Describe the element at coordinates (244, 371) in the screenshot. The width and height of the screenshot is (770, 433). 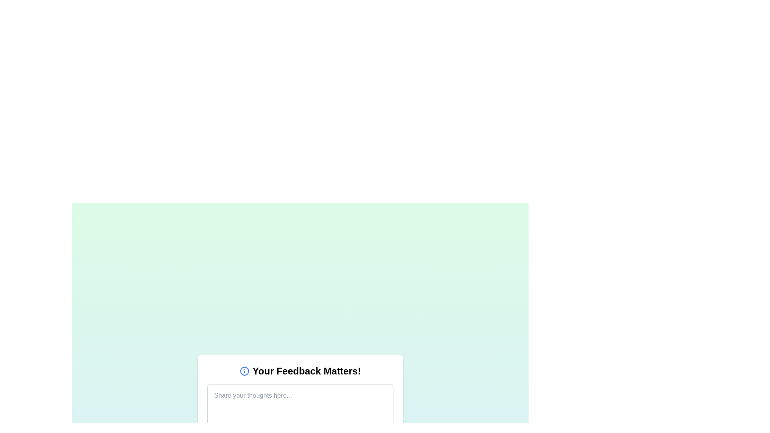
I see `the info icon styled in a circular outline with a blue color, located to the left of the text 'Your Feedback Matters!'` at that location.